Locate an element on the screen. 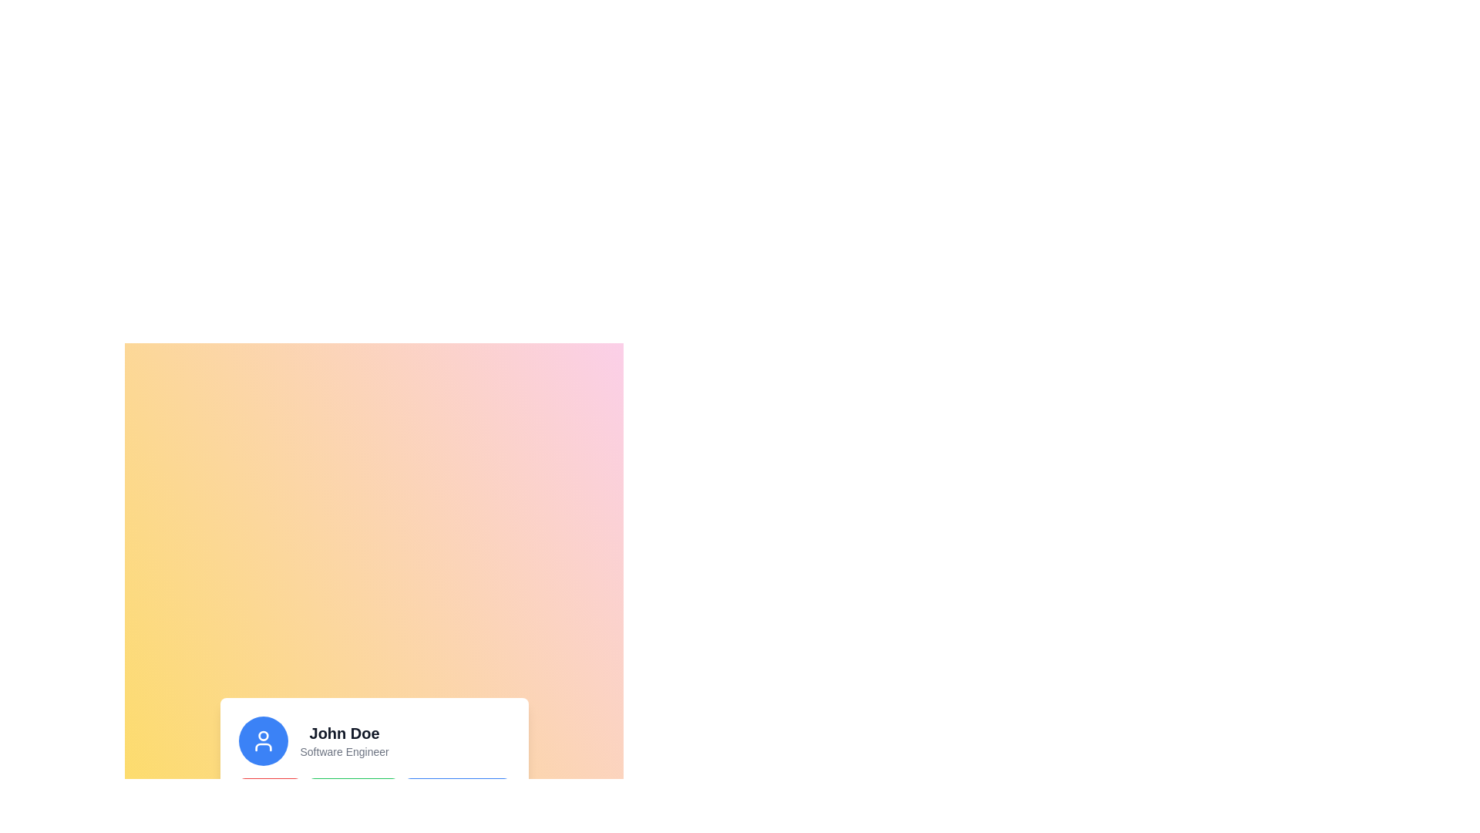 This screenshot has width=1480, height=833. the lower curved part of the user profile icon vector graphic, which has a smooth stroke and is located above the text 'John Doe' is located at coordinates (263, 746).